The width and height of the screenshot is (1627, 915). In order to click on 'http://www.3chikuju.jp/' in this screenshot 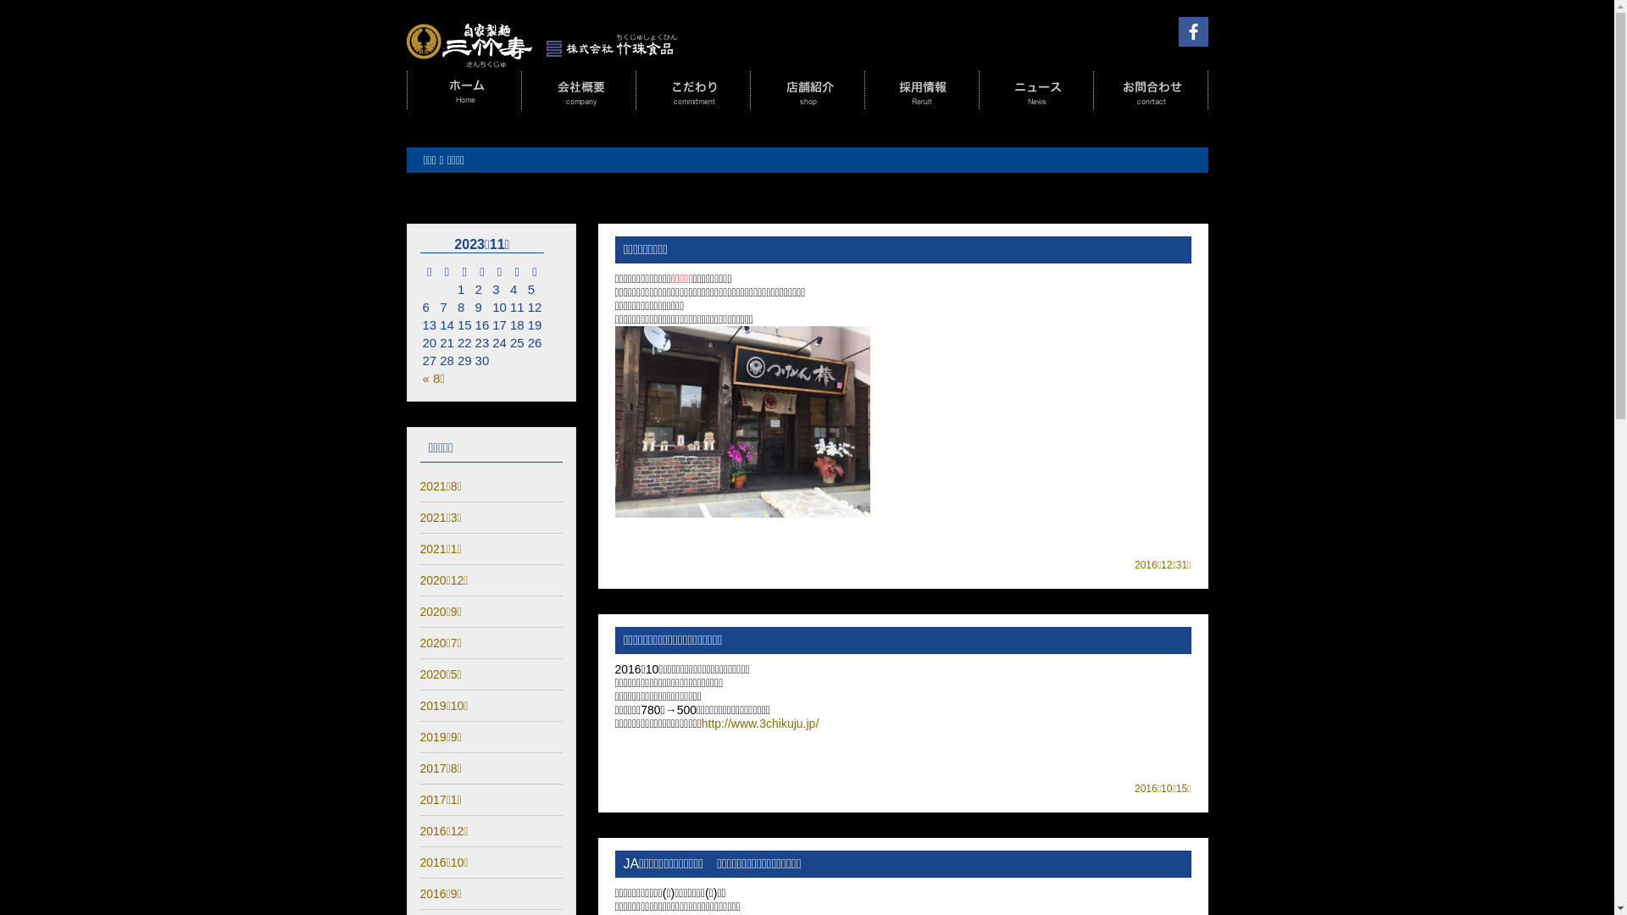, I will do `click(759, 723)`.